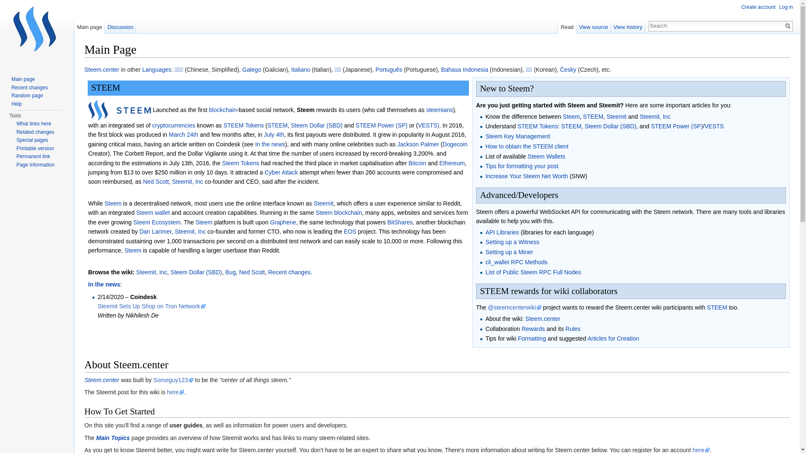  I want to click on 'Dan Larimer', so click(155, 231).